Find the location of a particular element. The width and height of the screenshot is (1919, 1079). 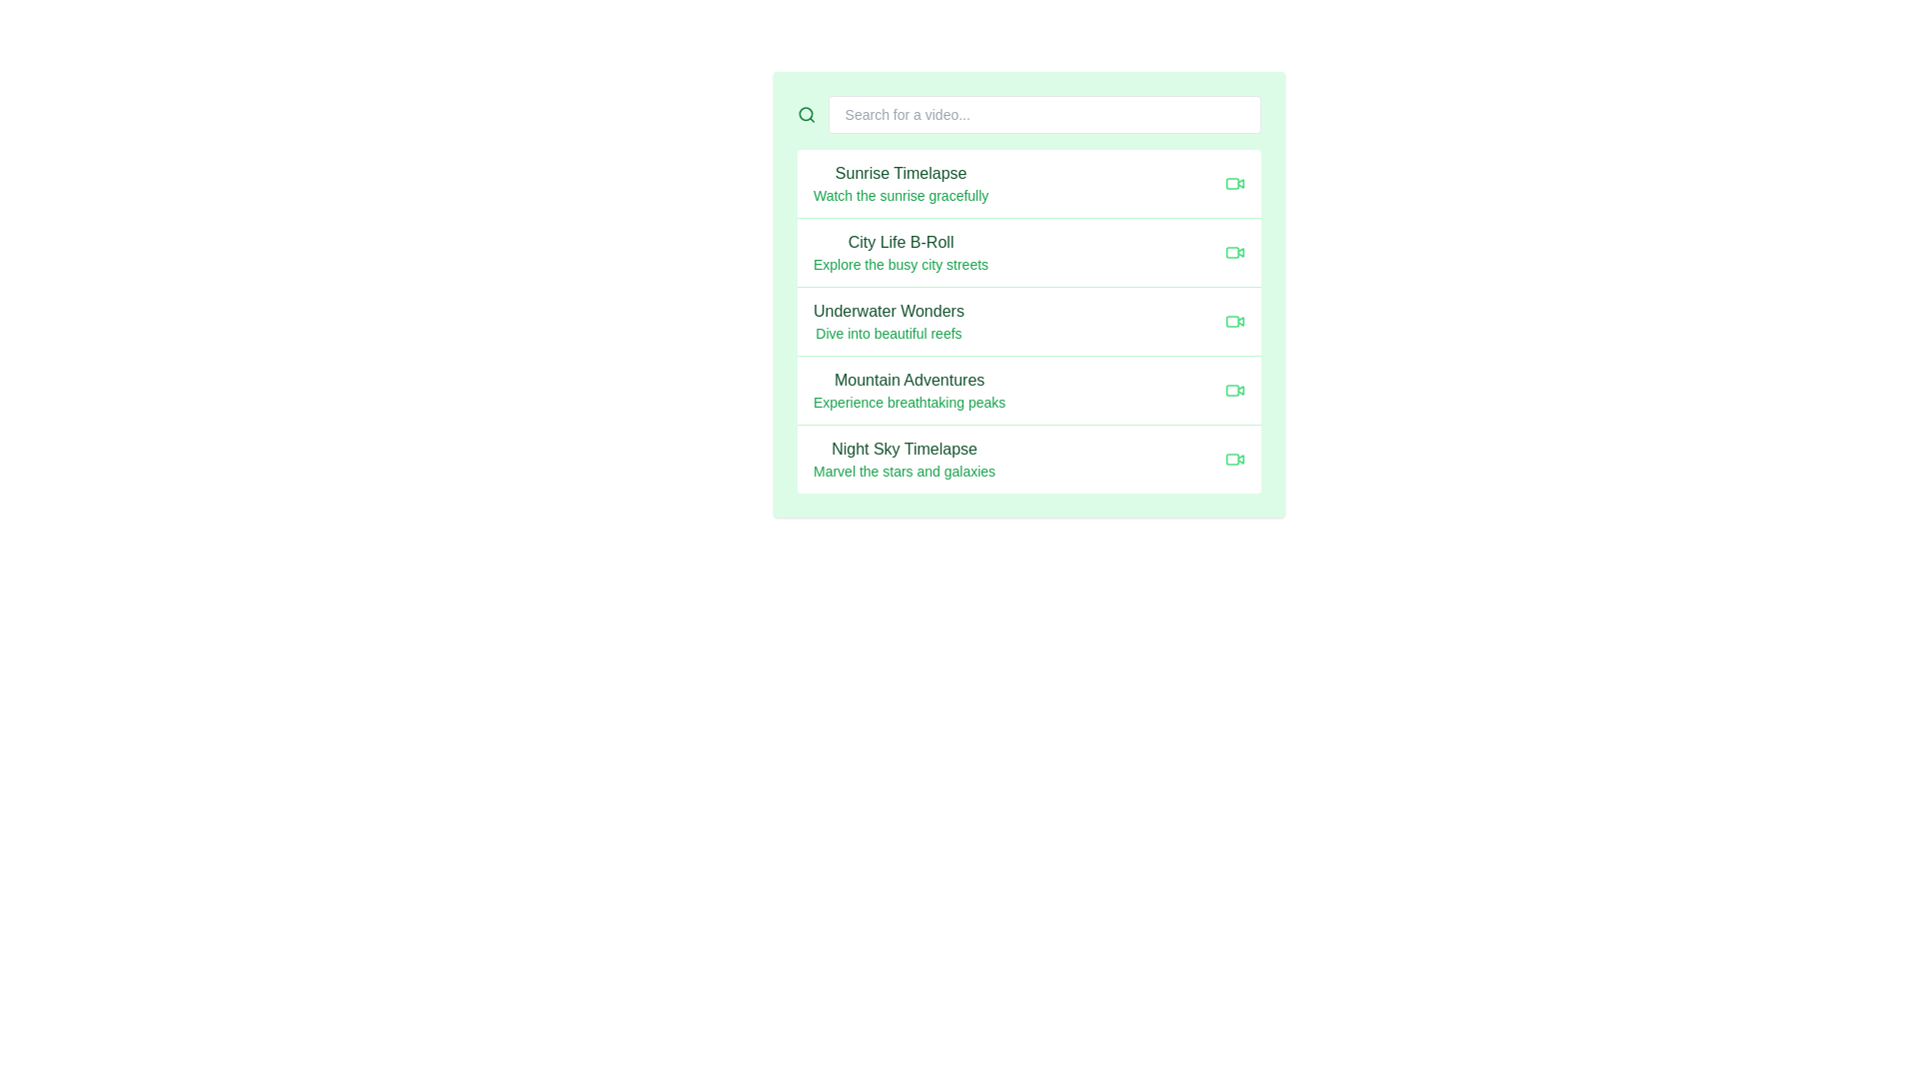

the design of the light green rounded icon located next to the 'Sunrise Timelapse' list item, which is the first icon in the list layout is located at coordinates (1231, 184).